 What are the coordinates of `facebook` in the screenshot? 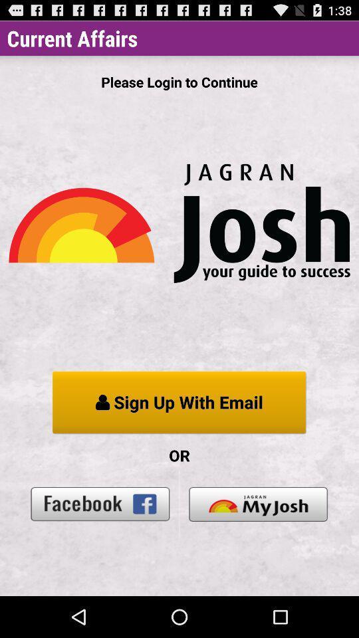 It's located at (100, 503).